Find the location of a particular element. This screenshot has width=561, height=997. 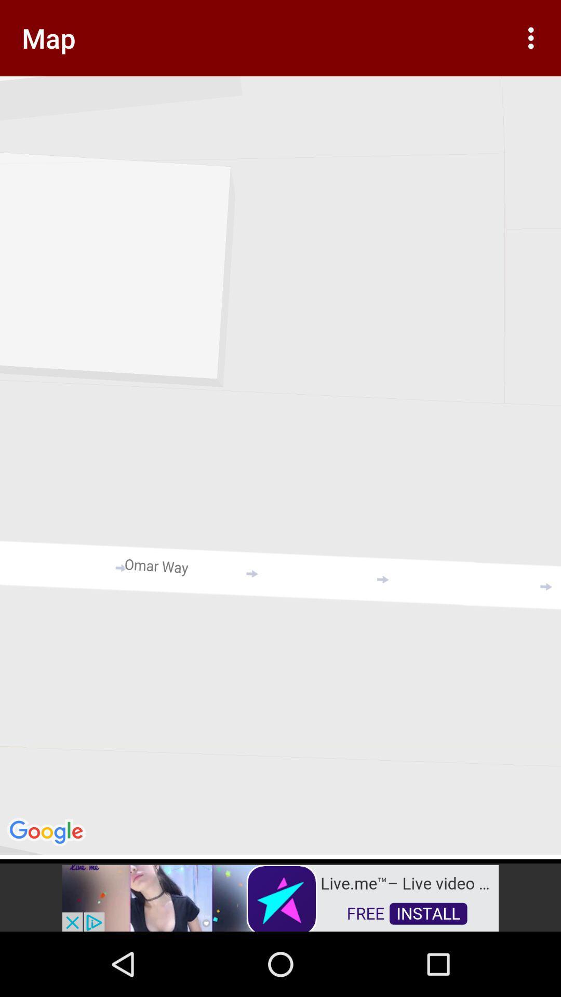

add is located at coordinates (280, 897).